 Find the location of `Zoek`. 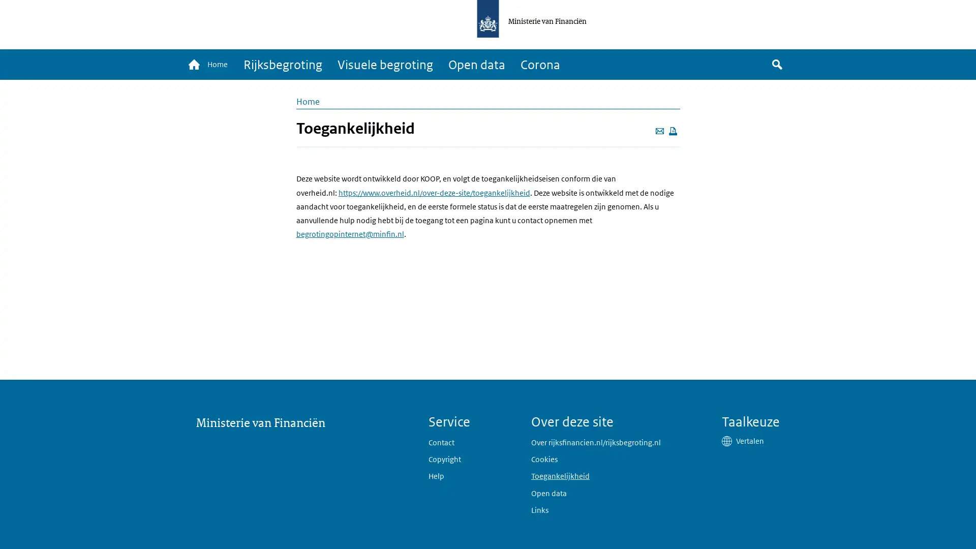

Zoek is located at coordinates (777, 65).